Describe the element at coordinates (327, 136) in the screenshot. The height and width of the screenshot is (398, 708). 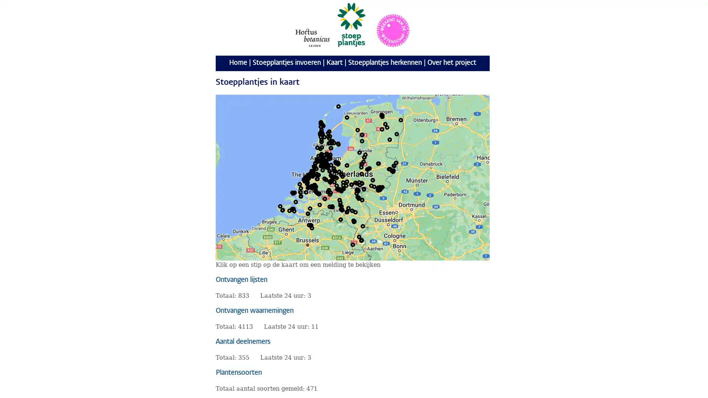
I see `Telling van op 12 oktober 2021` at that location.